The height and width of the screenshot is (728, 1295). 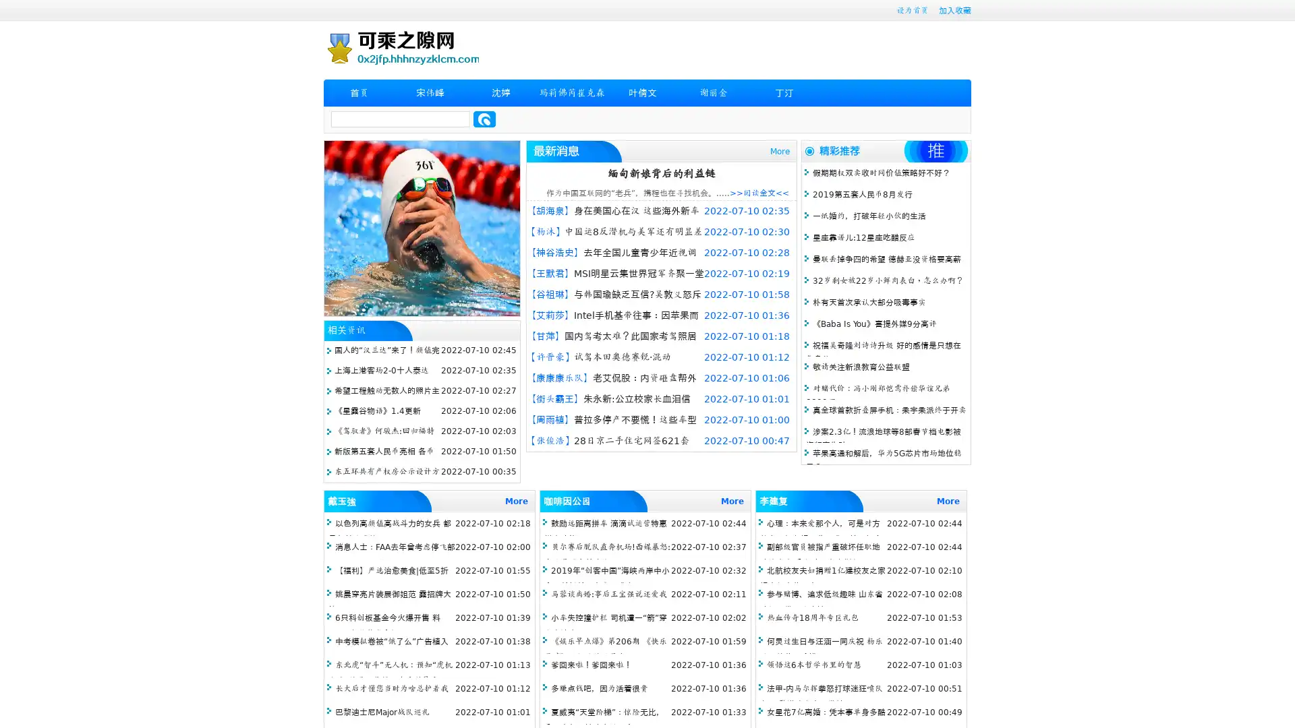 What do you see at coordinates (484, 119) in the screenshot?
I see `Search` at bounding box center [484, 119].